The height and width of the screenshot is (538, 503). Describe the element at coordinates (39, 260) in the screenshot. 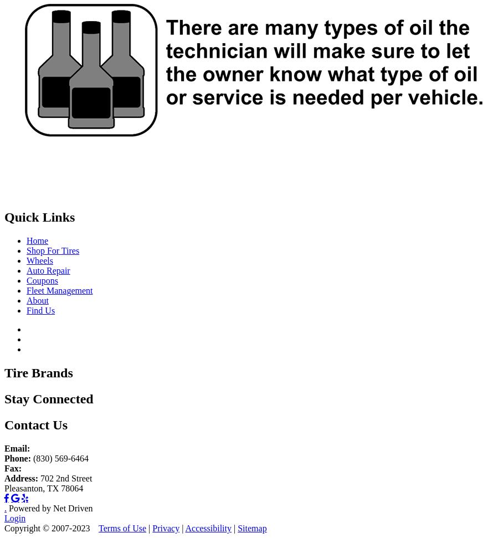

I see `'Wheels'` at that location.